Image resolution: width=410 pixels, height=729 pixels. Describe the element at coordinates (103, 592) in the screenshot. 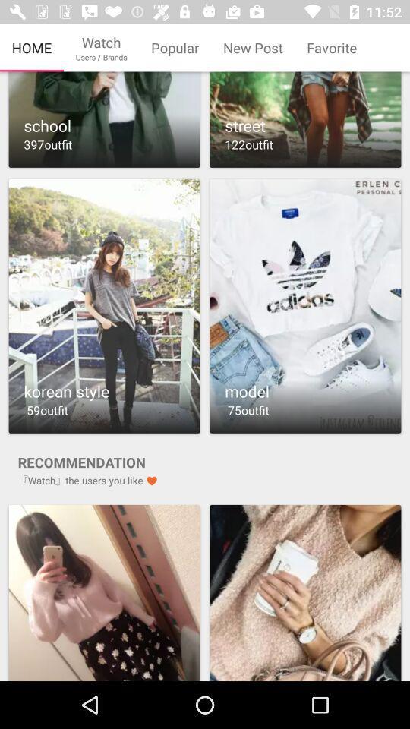

I see `advertisement` at that location.